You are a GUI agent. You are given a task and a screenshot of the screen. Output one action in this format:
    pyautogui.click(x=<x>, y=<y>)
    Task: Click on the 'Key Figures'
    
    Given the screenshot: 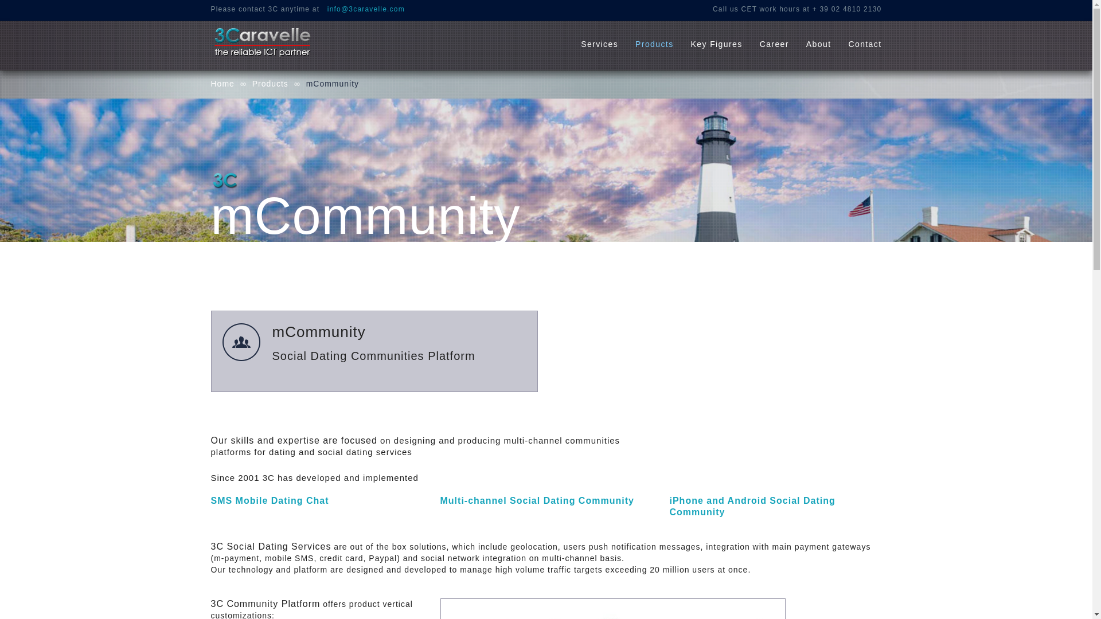 What is the action you would take?
    pyautogui.click(x=716, y=43)
    